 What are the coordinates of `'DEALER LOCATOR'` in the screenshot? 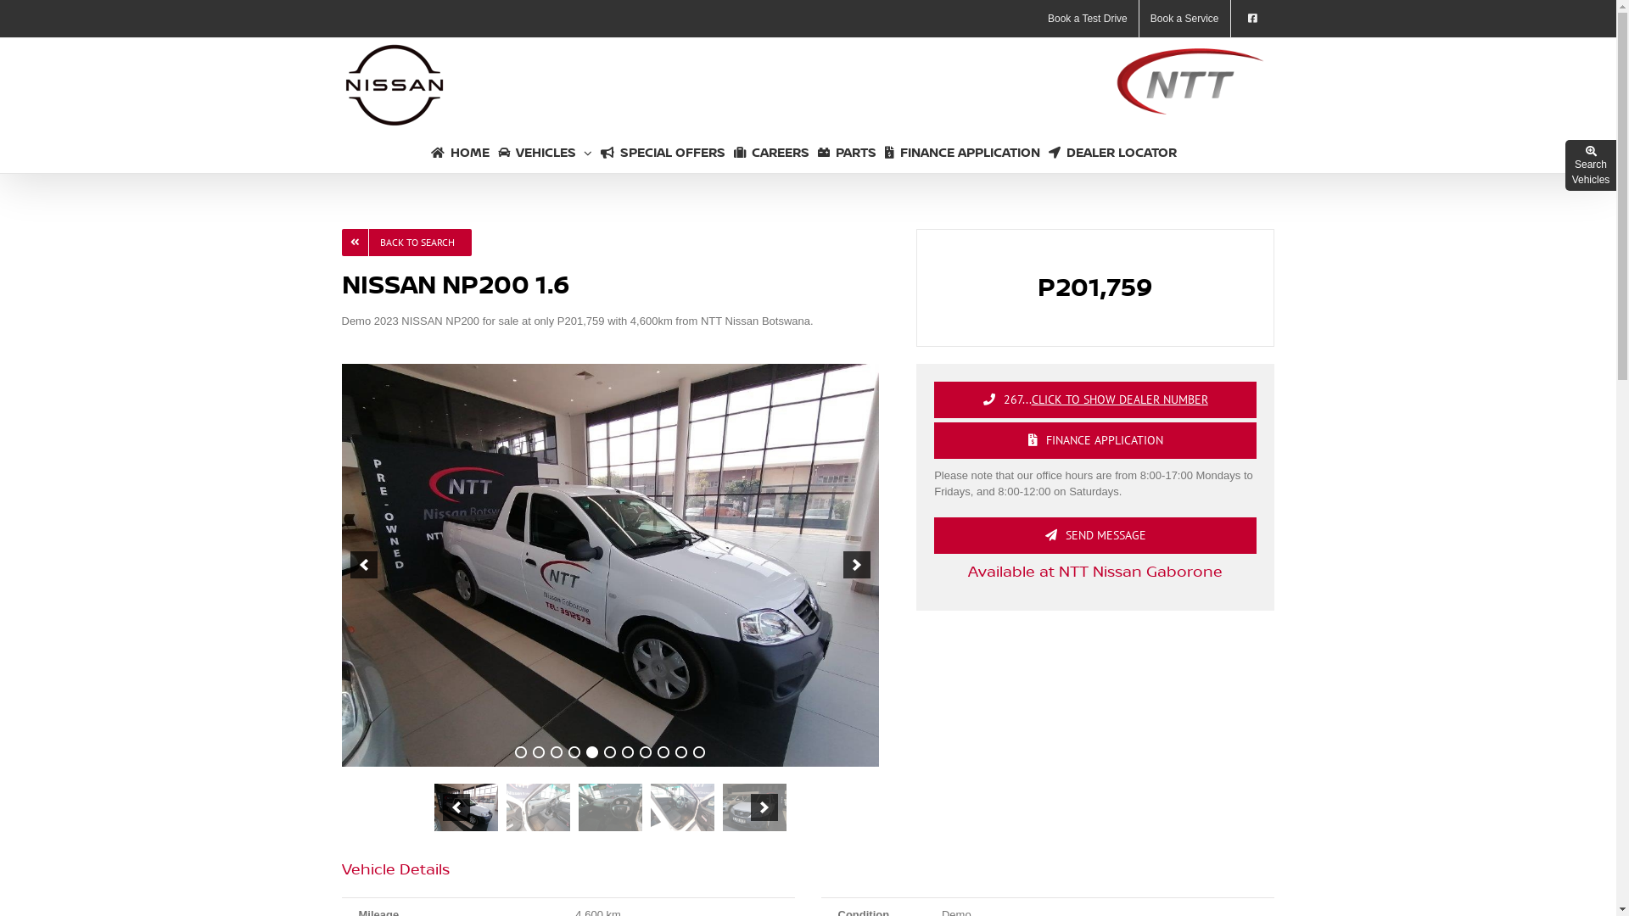 It's located at (1112, 150).